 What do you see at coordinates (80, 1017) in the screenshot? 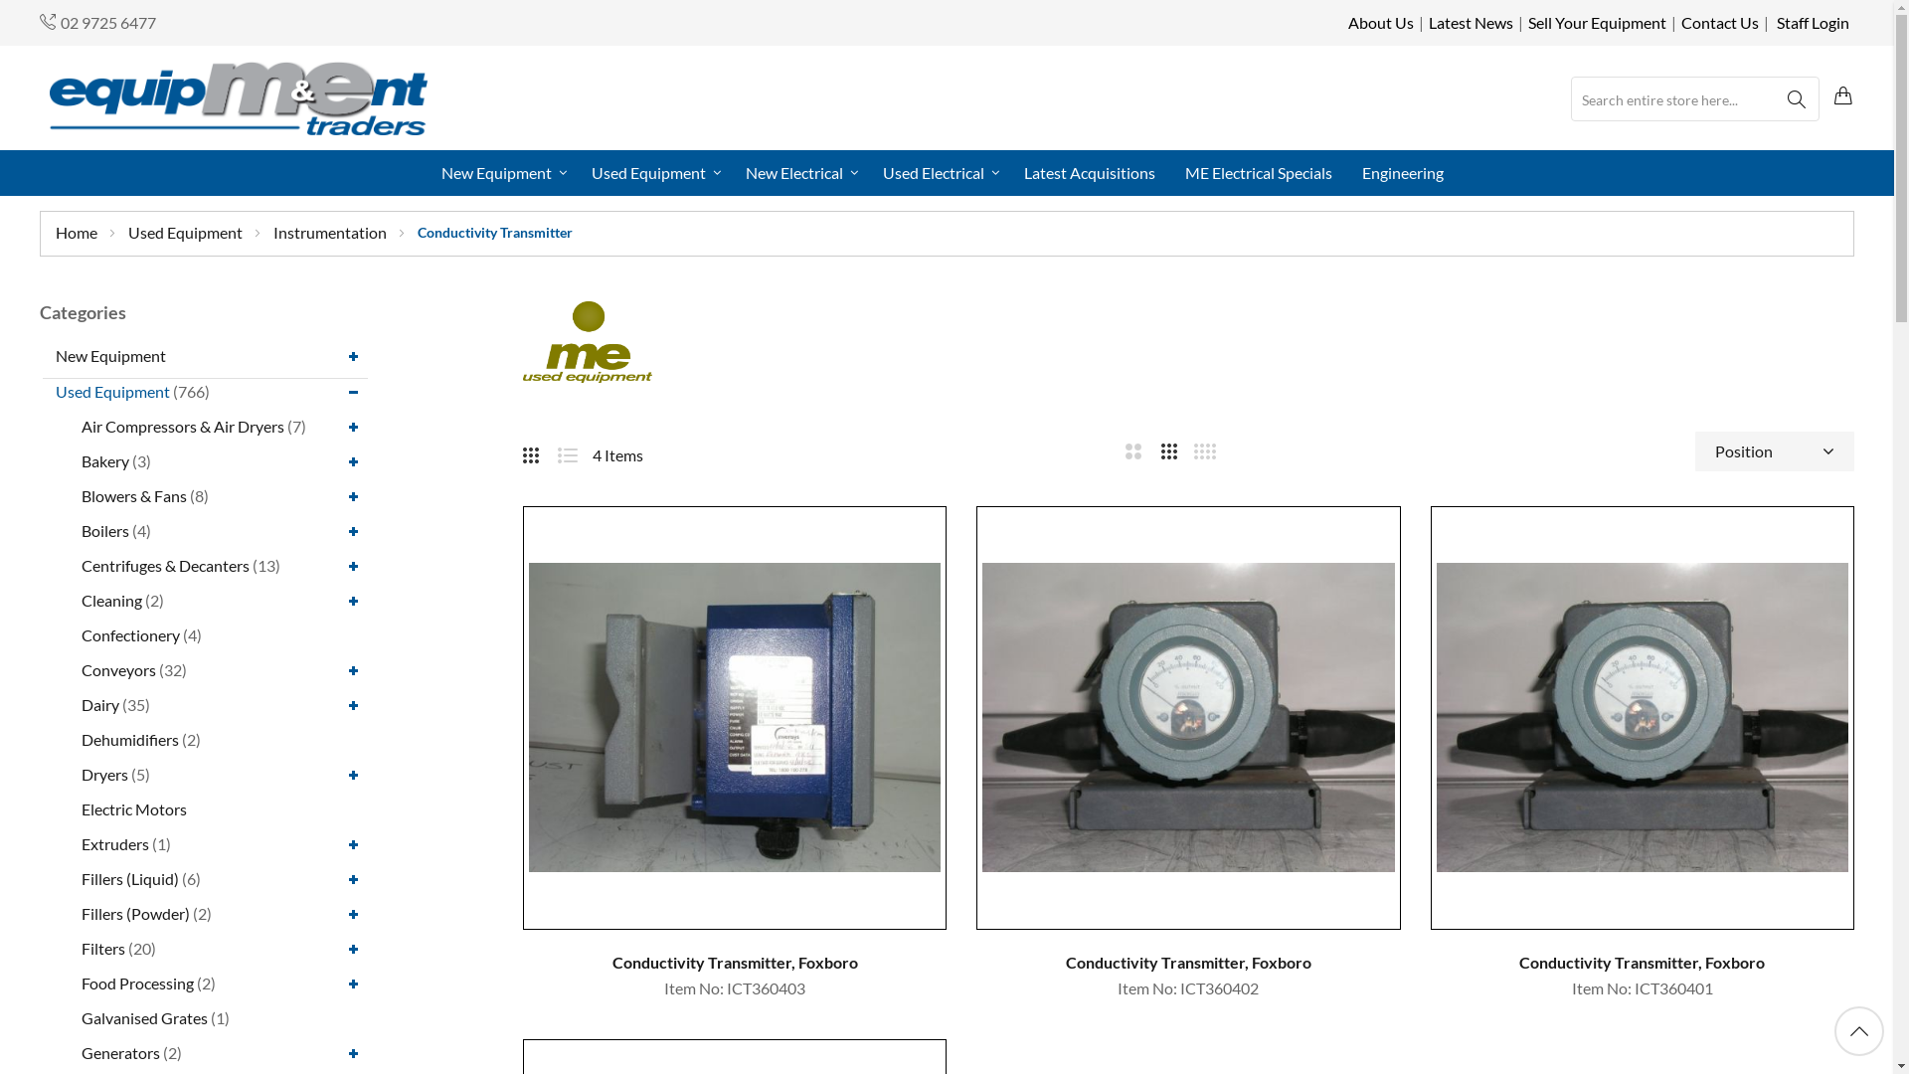
I see `'Galvanised Grates'` at bounding box center [80, 1017].